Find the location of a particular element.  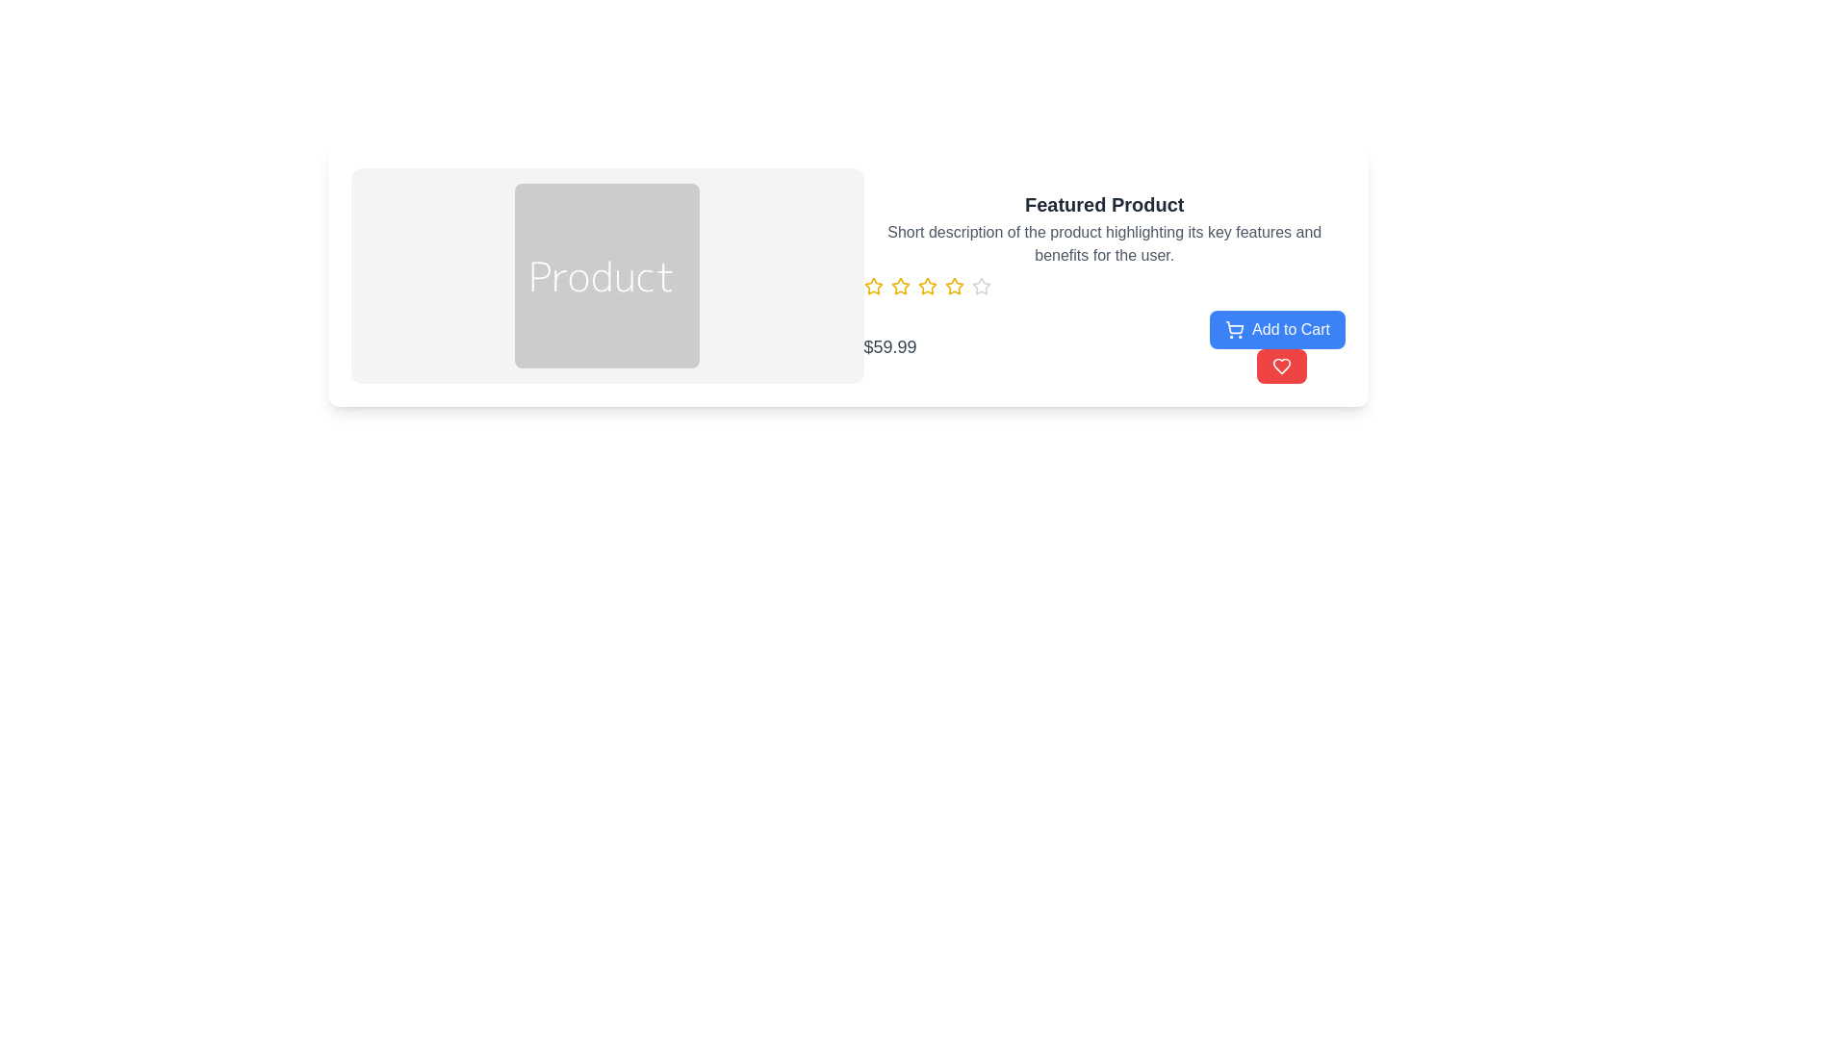

the shopping cart icon located inside the 'Add to Cart' button, positioned to the left of the text label is located at coordinates (1235, 329).